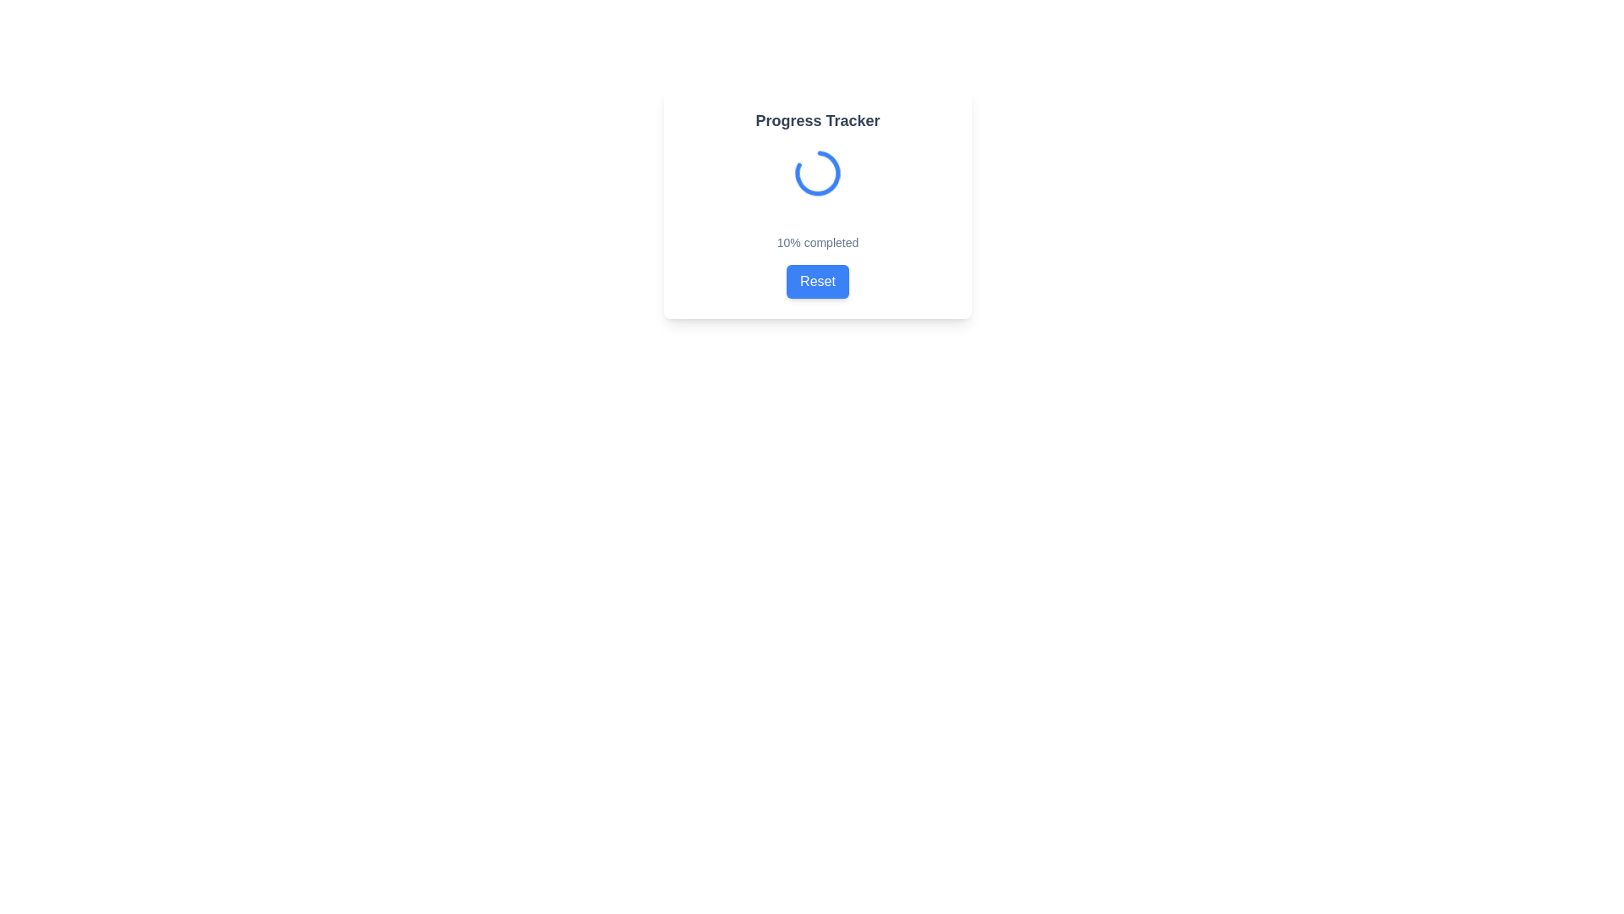  Describe the element at coordinates (817, 173) in the screenshot. I see `the Spinner or Loader Indicator located centrally within the 'Progress Tracker' module, which is positioned below the title and above the '10% completed' indicator and the 'Reset' button` at that location.